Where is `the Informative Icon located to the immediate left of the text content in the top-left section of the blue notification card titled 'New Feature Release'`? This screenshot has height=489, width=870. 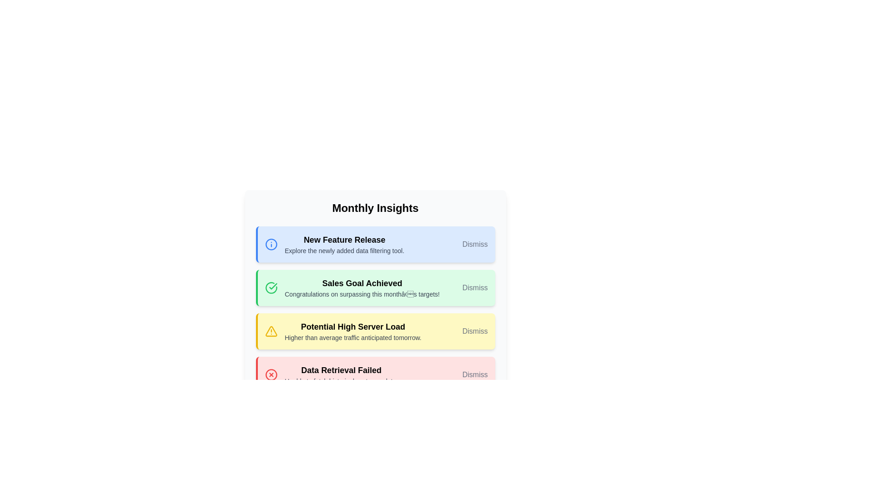 the Informative Icon located to the immediate left of the text content in the top-left section of the blue notification card titled 'New Feature Release' is located at coordinates (271, 244).